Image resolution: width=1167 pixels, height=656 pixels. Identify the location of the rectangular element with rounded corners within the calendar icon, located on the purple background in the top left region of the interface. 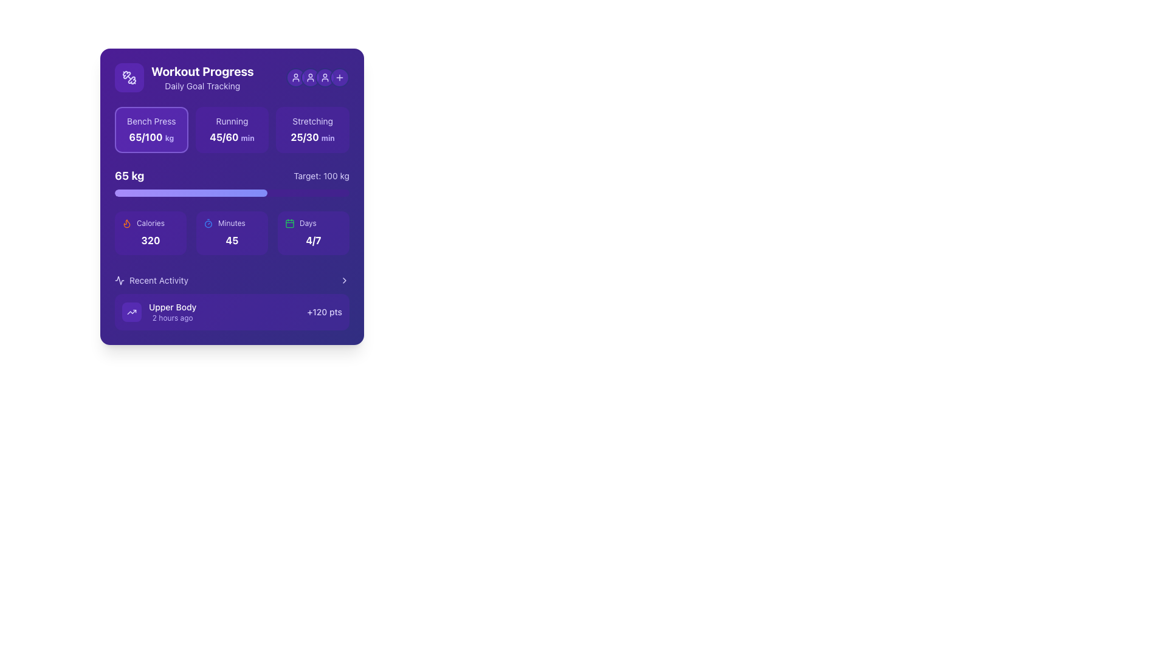
(289, 223).